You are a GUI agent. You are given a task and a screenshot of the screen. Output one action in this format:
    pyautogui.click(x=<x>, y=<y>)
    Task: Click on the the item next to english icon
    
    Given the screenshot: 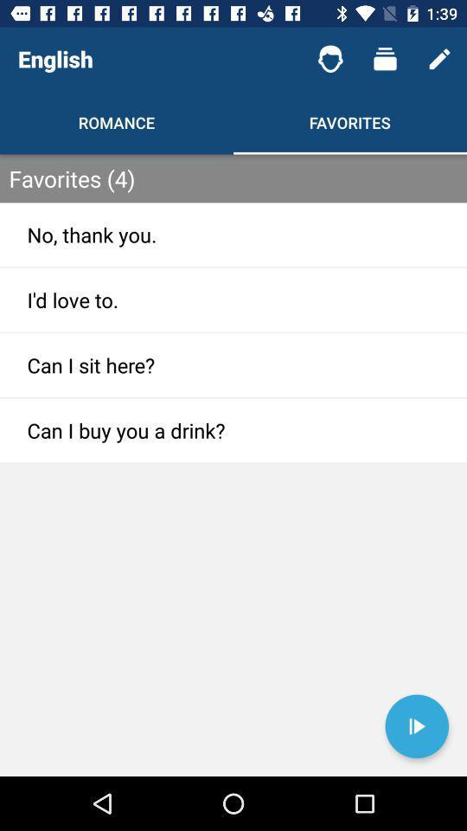 What is the action you would take?
    pyautogui.click(x=330, y=59)
    